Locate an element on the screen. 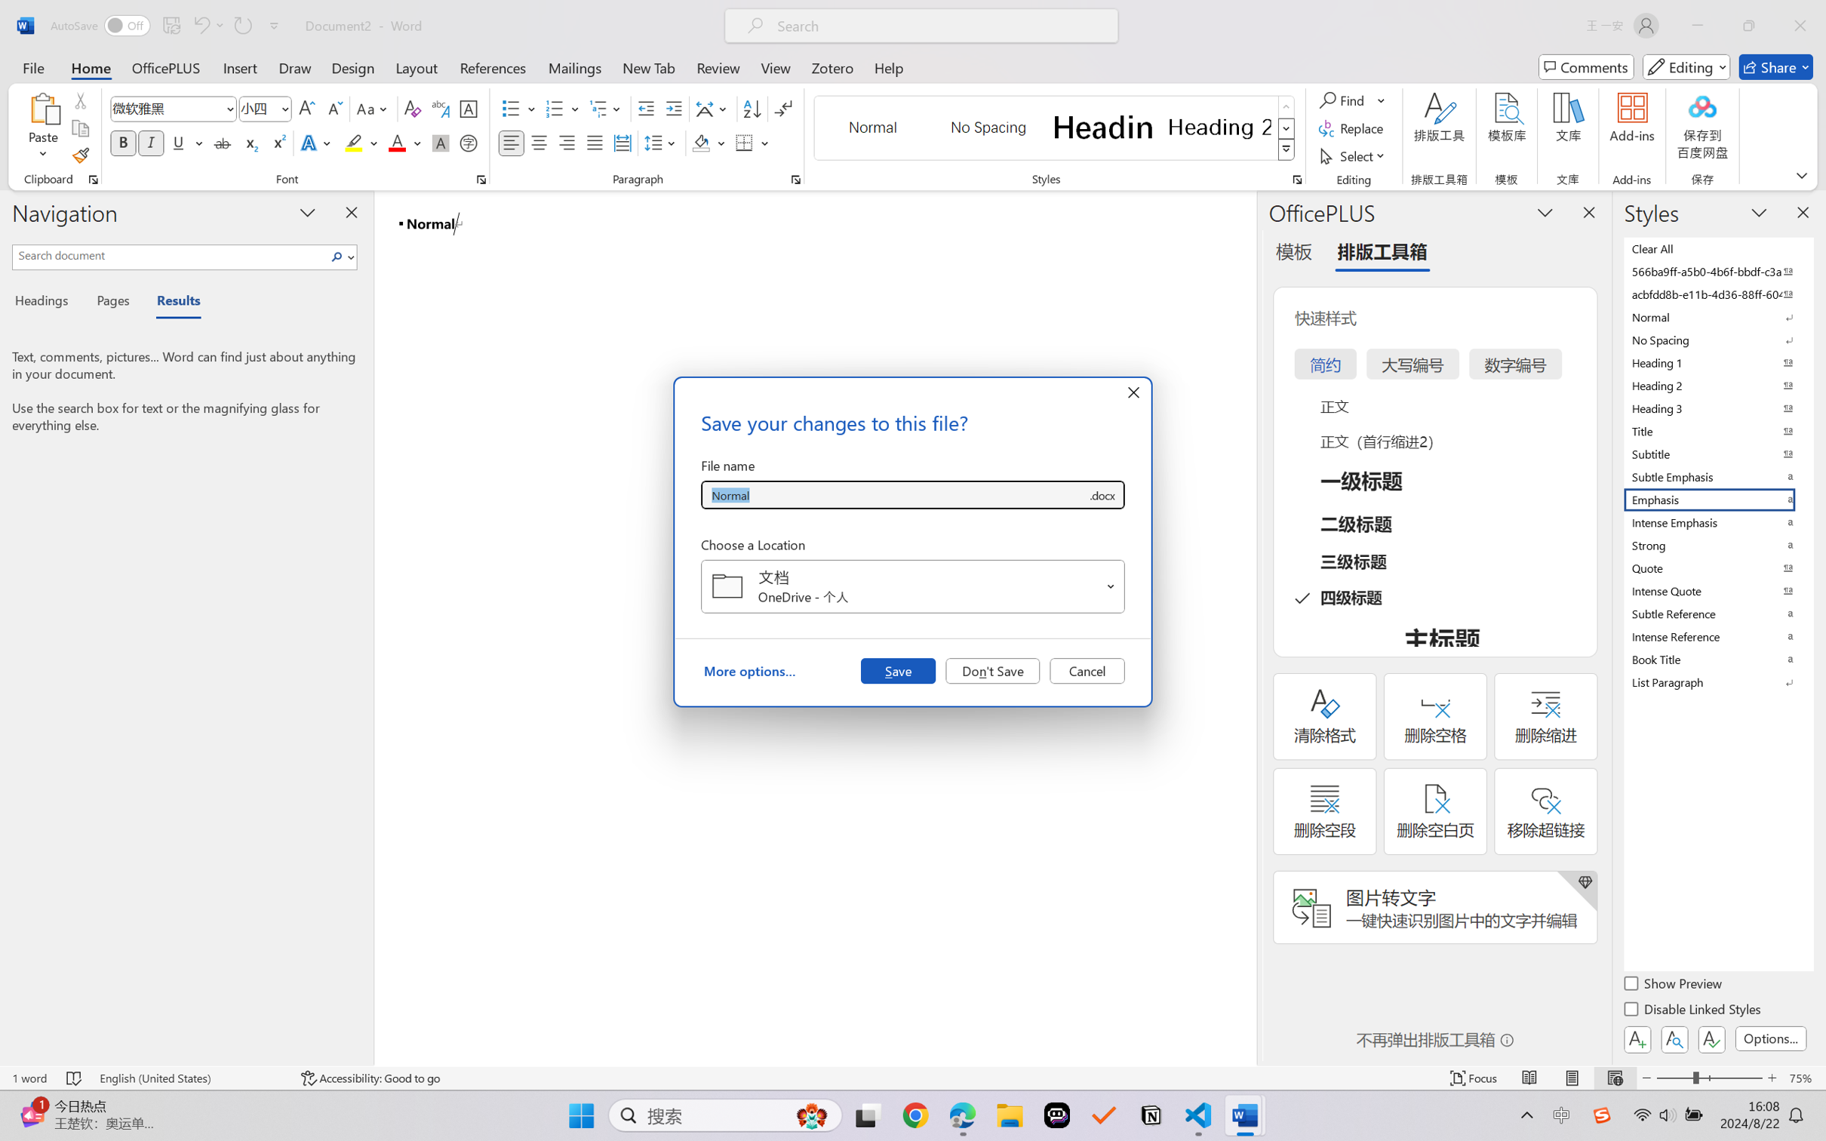  'Paste' is located at coordinates (43, 108).